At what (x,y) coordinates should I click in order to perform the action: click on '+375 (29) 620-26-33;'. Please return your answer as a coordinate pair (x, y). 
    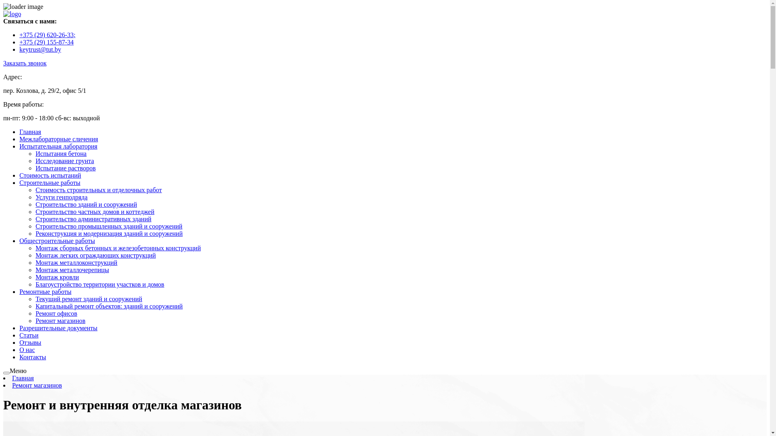
    Looking at the image, I should click on (19, 34).